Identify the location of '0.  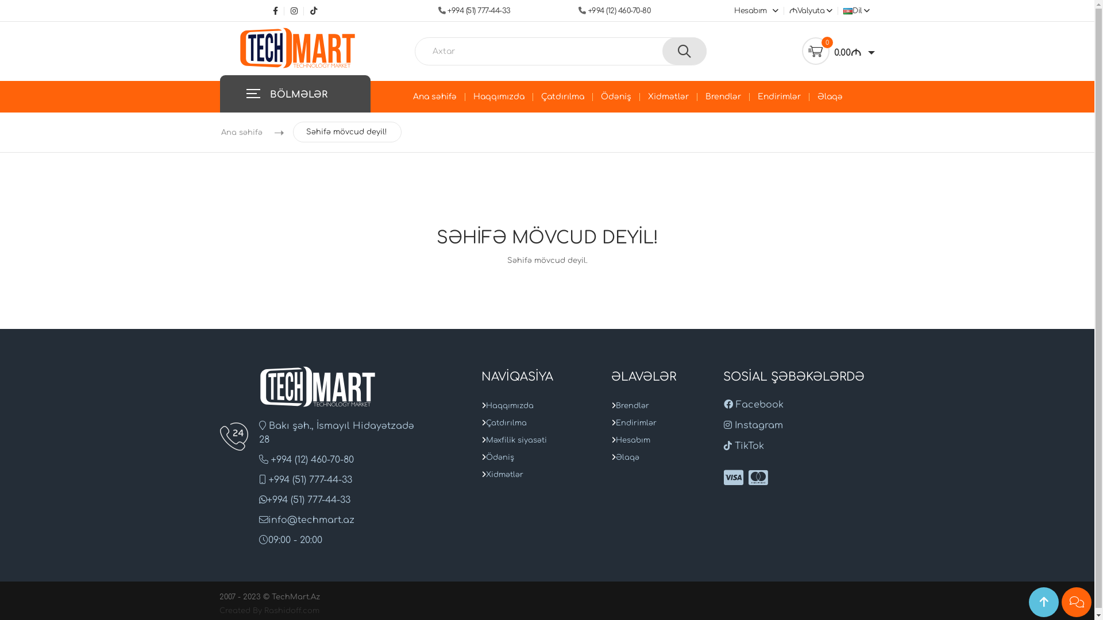
(801, 50).